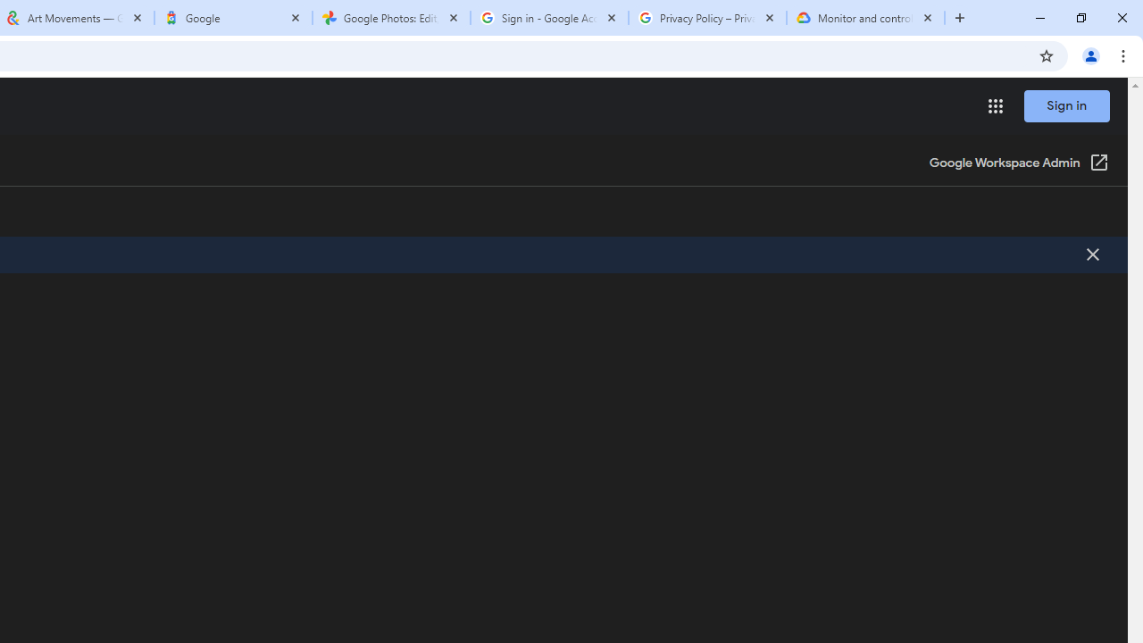  I want to click on 'Google Workspace Admin (Open in a new window)', so click(1019, 163).